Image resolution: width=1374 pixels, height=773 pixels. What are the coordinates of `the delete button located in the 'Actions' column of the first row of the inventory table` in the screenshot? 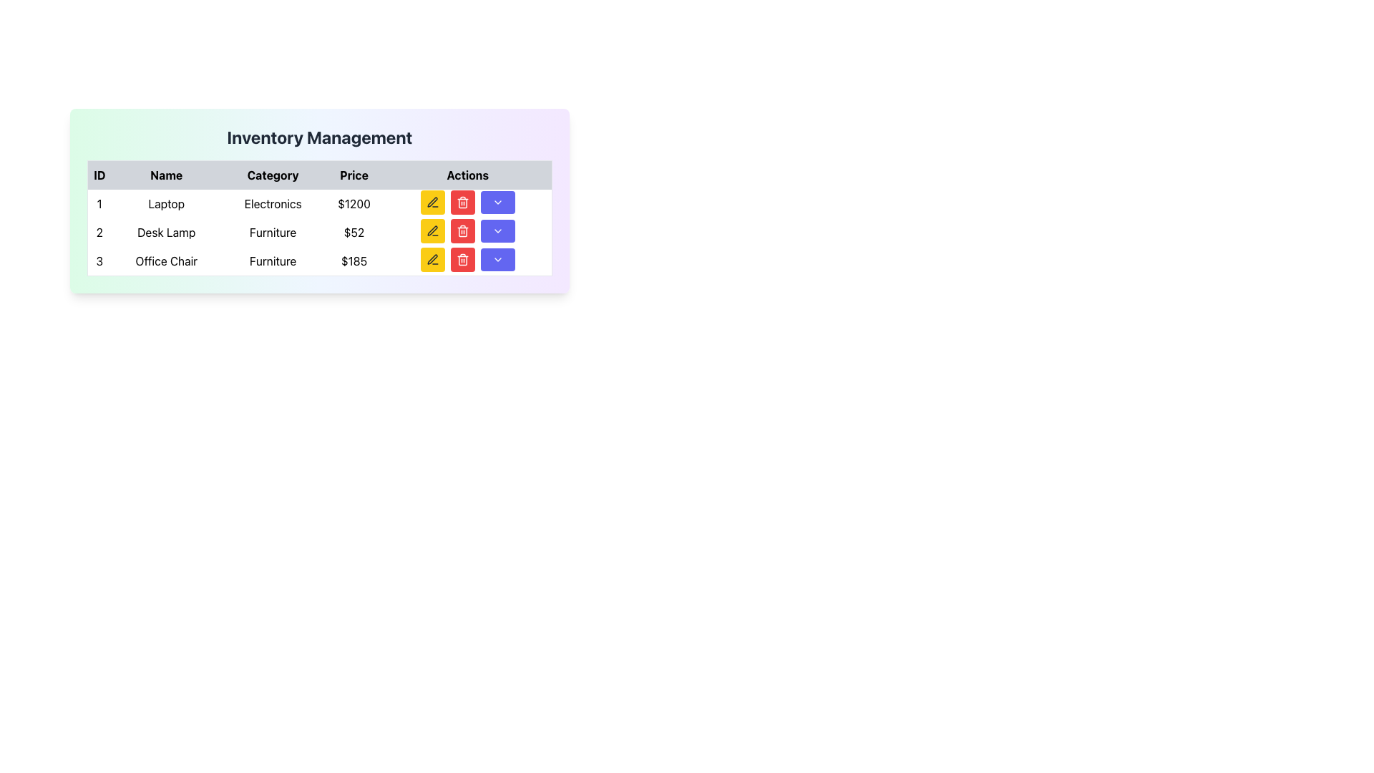 It's located at (462, 202).